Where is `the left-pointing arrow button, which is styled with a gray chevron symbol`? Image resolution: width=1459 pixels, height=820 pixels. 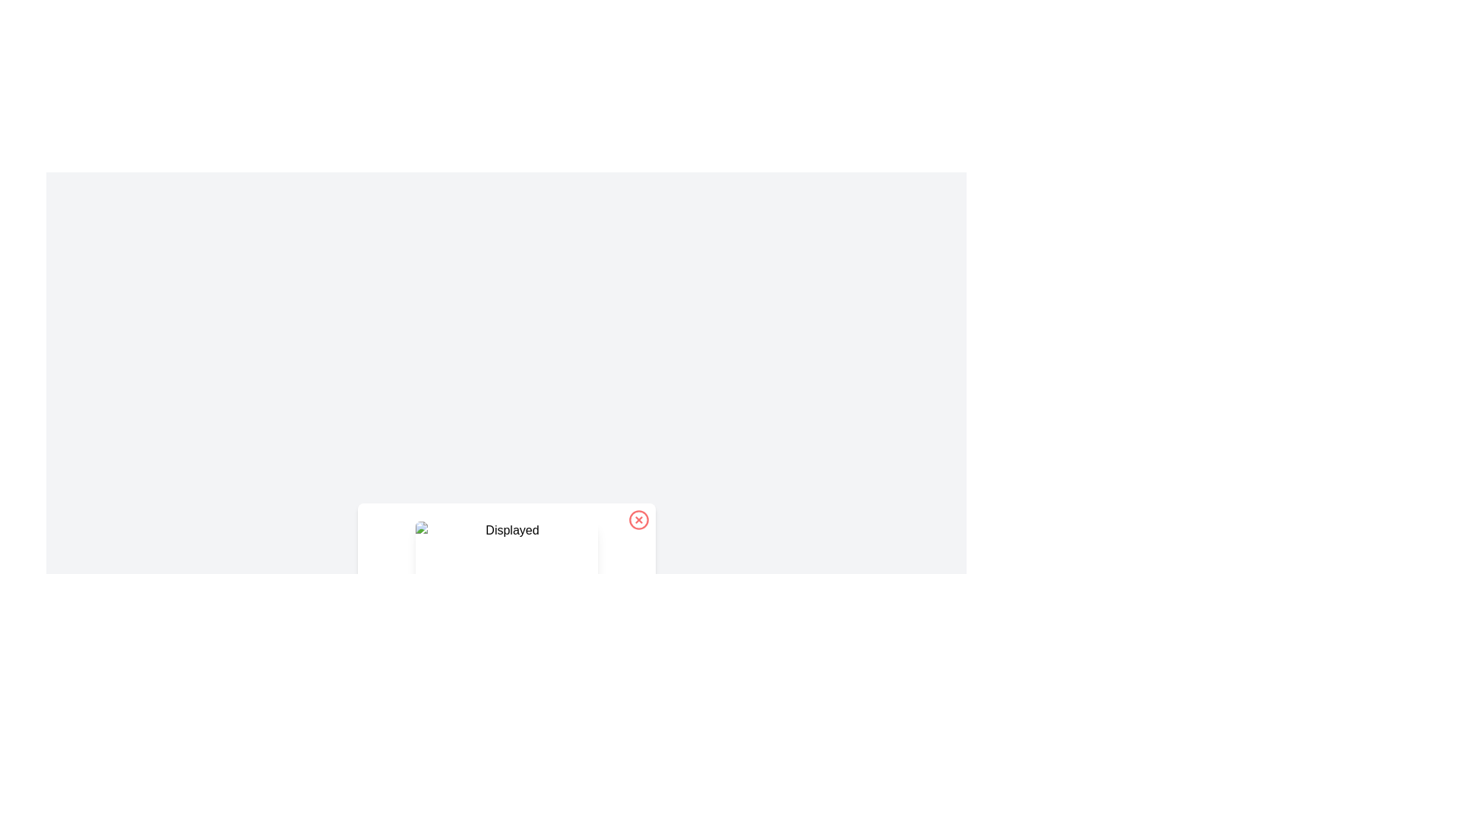 the left-pointing arrow button, which is styled with a gray chevron symbol is located at coordinates (389, 582).